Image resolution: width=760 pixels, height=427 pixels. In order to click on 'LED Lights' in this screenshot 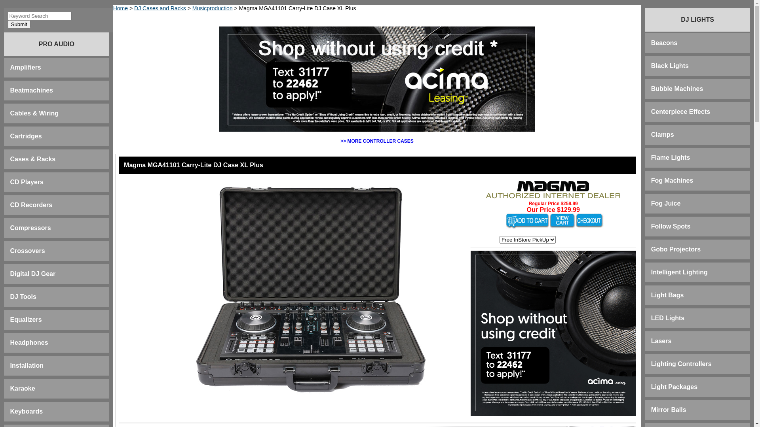, I will do `click(651, 317)`.